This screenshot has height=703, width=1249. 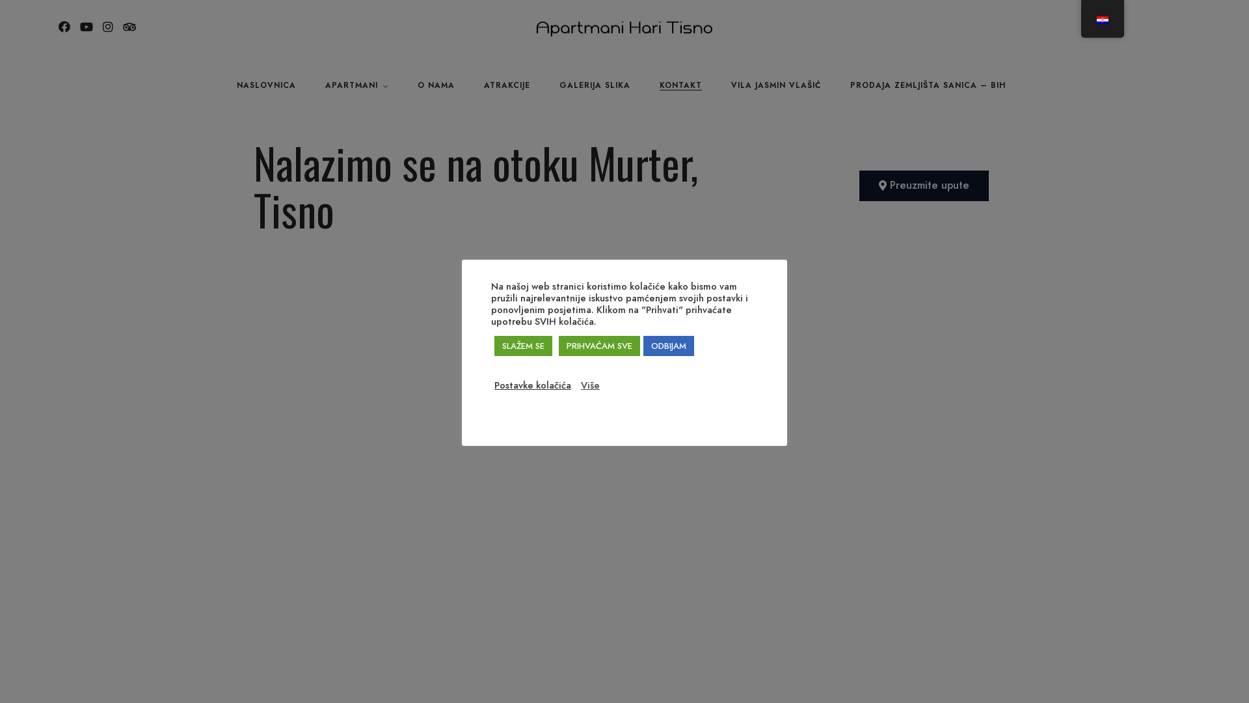 What do you see at coordinates (659, 85) in the screenshot?
I see `'KONTAKT'` at bounding box center [659, 85].